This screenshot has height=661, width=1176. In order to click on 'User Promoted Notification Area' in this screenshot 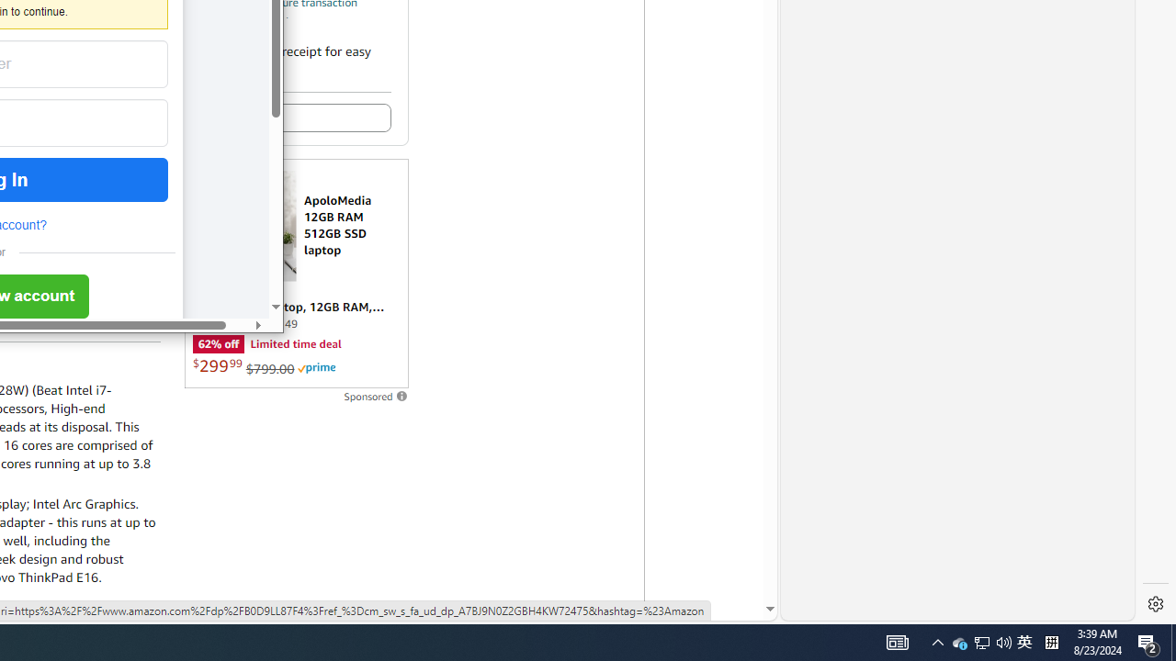, I will do `click(959, 641)`.